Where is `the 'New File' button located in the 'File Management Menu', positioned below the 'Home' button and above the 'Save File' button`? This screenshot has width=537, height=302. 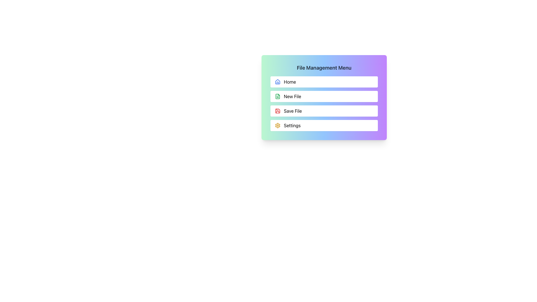 the 'New File' button located in the 'File Management Menu', positioned below the 'Home' button and above the 'Save File' button is located at coordinates (324, 97).